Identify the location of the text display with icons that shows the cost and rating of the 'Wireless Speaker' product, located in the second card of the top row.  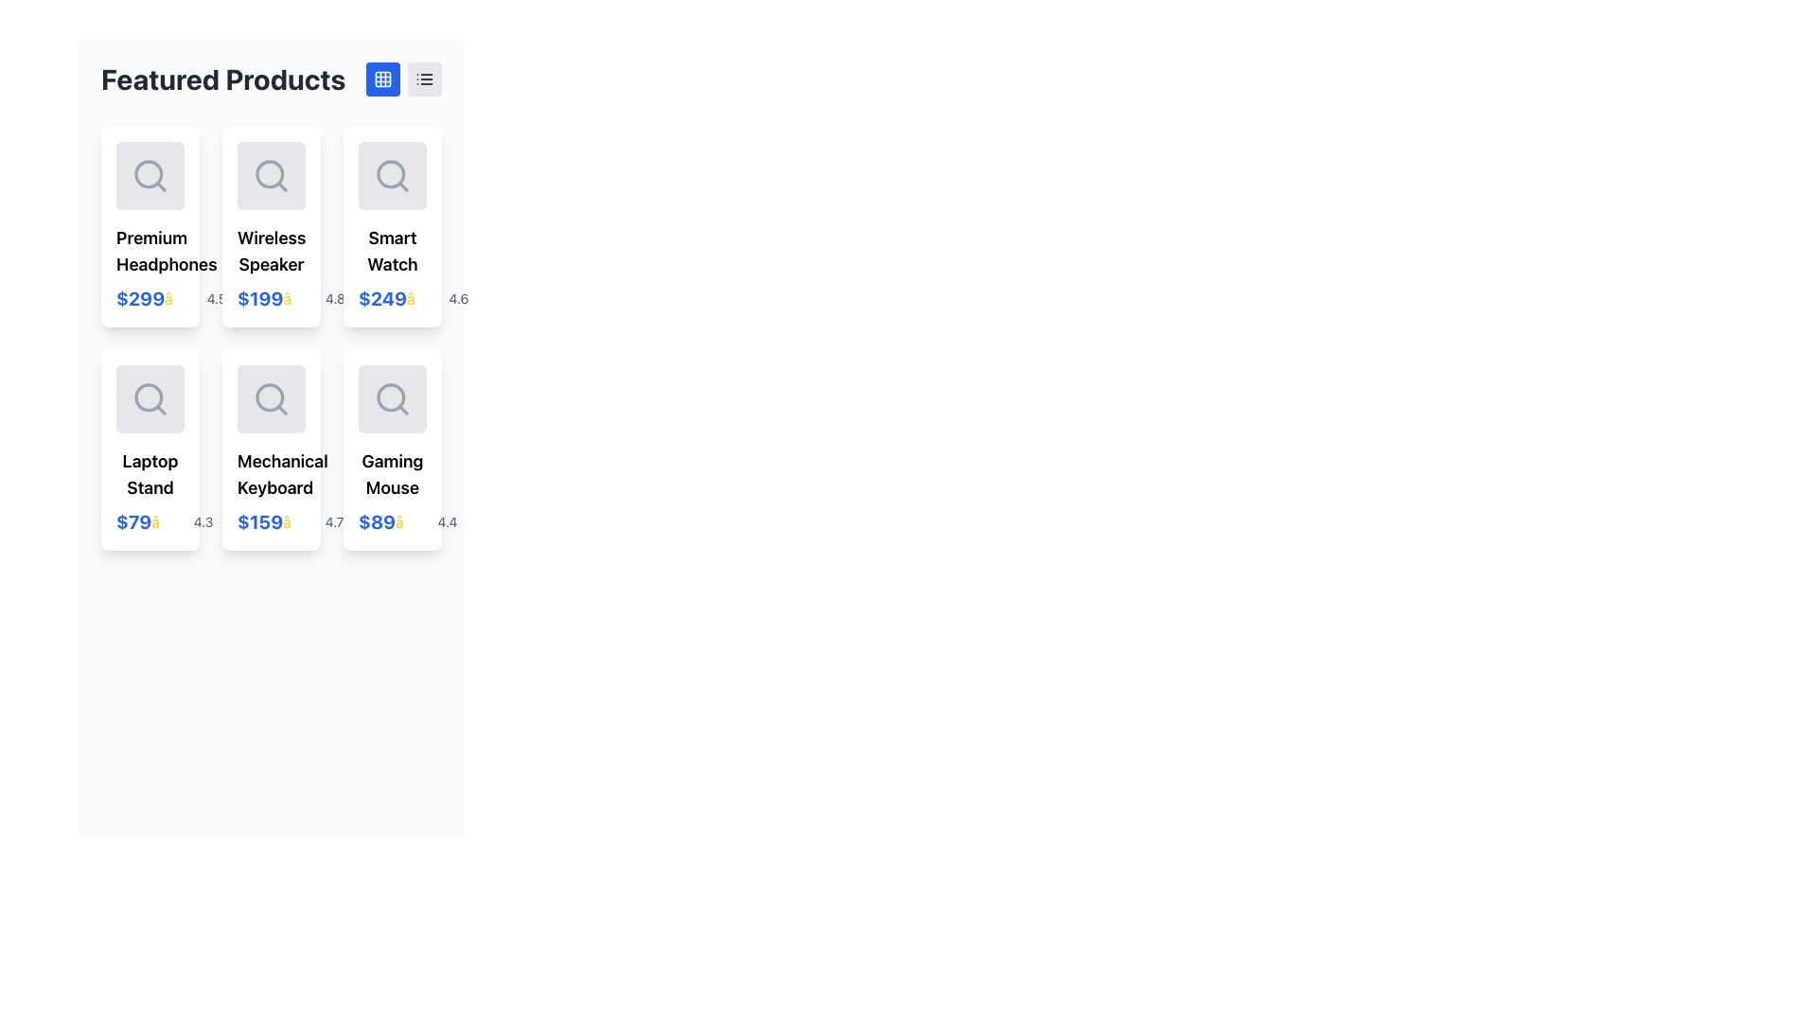
(271, 298).